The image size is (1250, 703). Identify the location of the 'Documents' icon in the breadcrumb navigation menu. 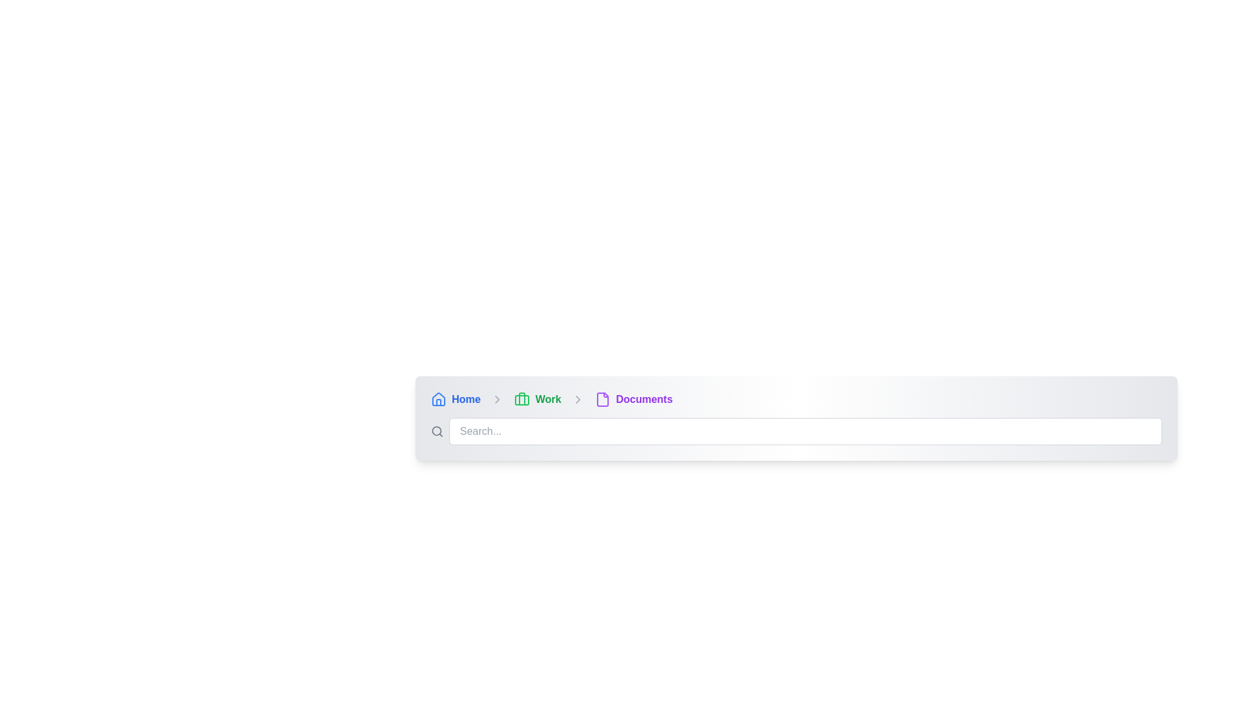
(602, 398).